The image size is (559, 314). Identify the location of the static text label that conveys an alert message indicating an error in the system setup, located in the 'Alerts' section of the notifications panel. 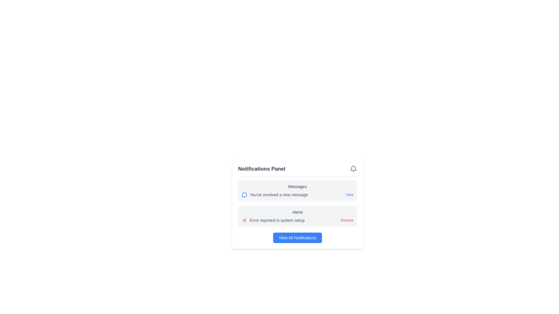
(273, 220).